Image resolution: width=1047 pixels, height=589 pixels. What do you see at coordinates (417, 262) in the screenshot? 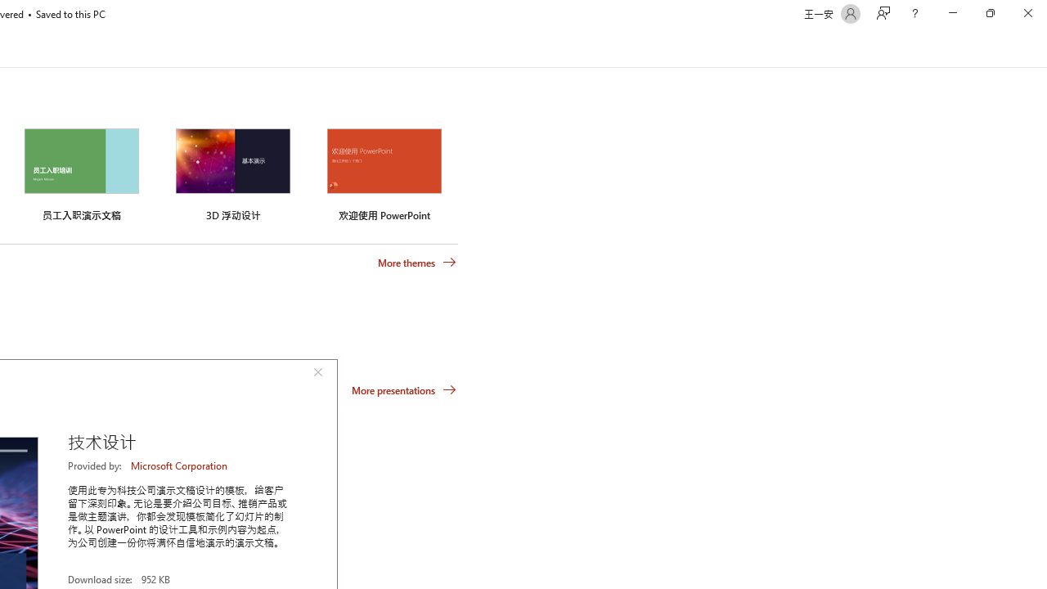
I see `'More themes'` at bounding box center [417, 262].